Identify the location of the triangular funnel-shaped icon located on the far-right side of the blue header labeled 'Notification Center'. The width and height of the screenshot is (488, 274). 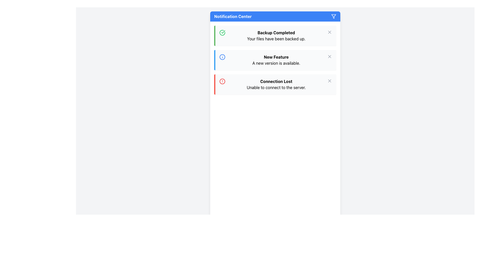
(334, 16).